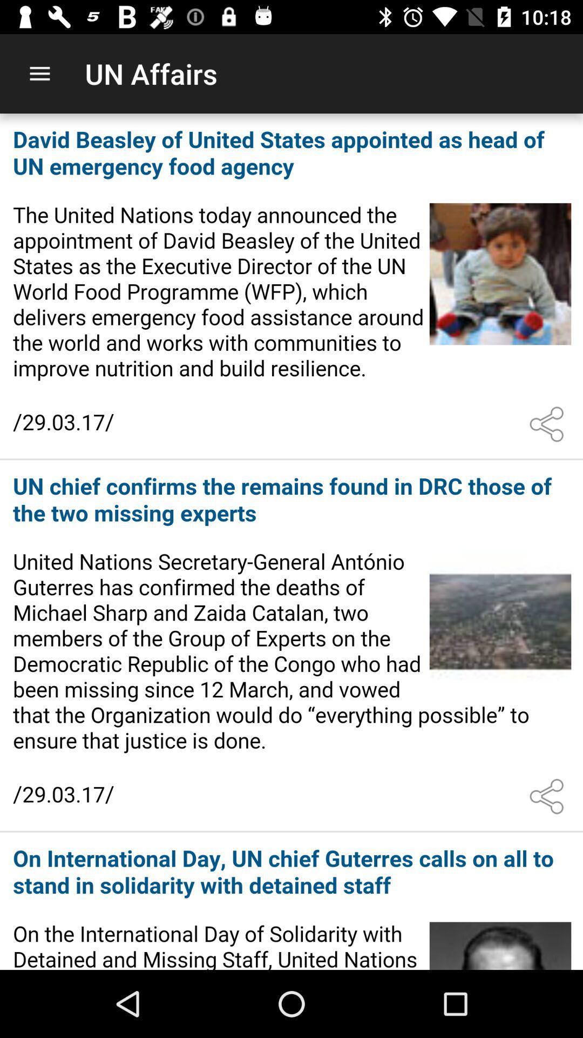 This screenshot has width=583, height=1038. Describe the element at coordinates (291, 646) in the screenshot. I see `and read` at that location.